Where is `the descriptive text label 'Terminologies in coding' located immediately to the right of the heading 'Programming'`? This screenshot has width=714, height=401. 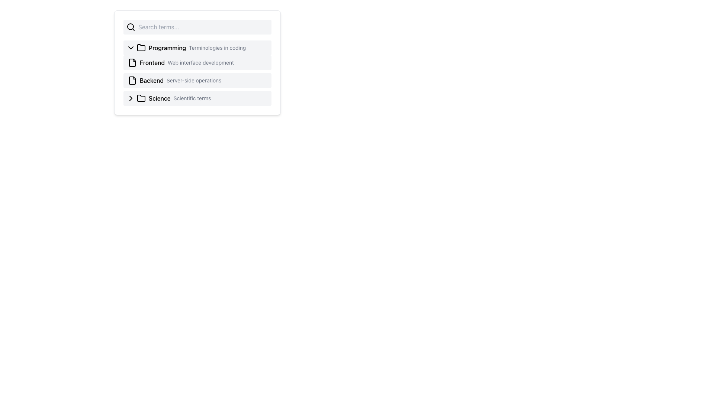 the descriptive text label 'Terminologies in coding' located immediately to the right of the heading 'Programming' is located at coordinates (217, 48).